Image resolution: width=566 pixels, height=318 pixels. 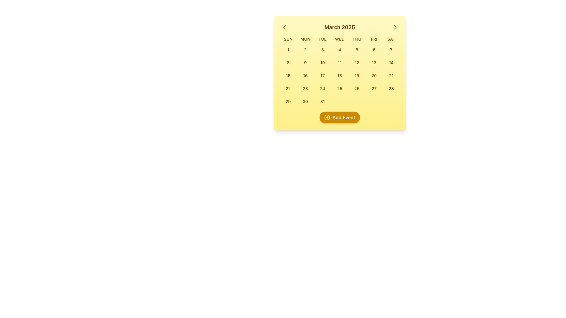 I want to click on the numeric text element displaying '24' in brown color on a light yellow background within the calendar grid, so click(x=322, y=88).